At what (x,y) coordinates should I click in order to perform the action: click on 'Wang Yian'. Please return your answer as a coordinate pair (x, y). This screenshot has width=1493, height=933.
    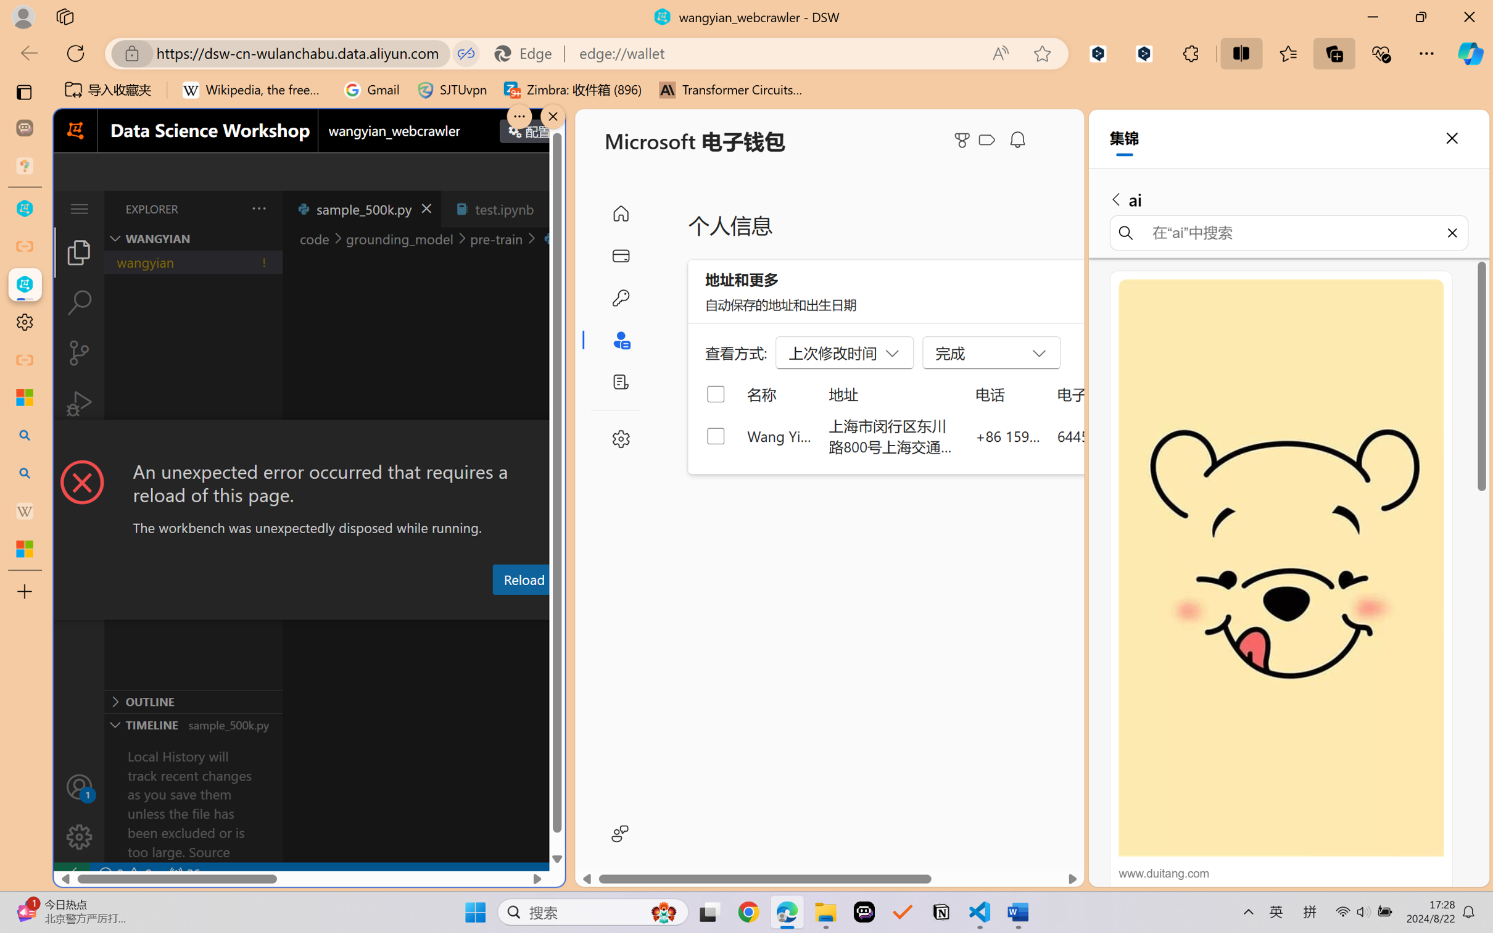
    Looking at the image, I should click on (779, 435).